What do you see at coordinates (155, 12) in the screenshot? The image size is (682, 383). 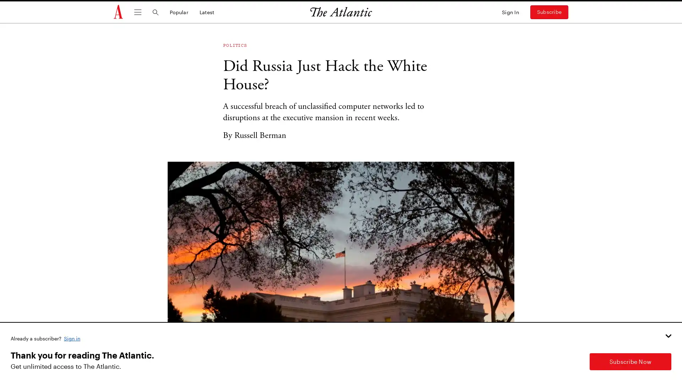 I see `Search The Atlantic` at bounding box center [155, 12].